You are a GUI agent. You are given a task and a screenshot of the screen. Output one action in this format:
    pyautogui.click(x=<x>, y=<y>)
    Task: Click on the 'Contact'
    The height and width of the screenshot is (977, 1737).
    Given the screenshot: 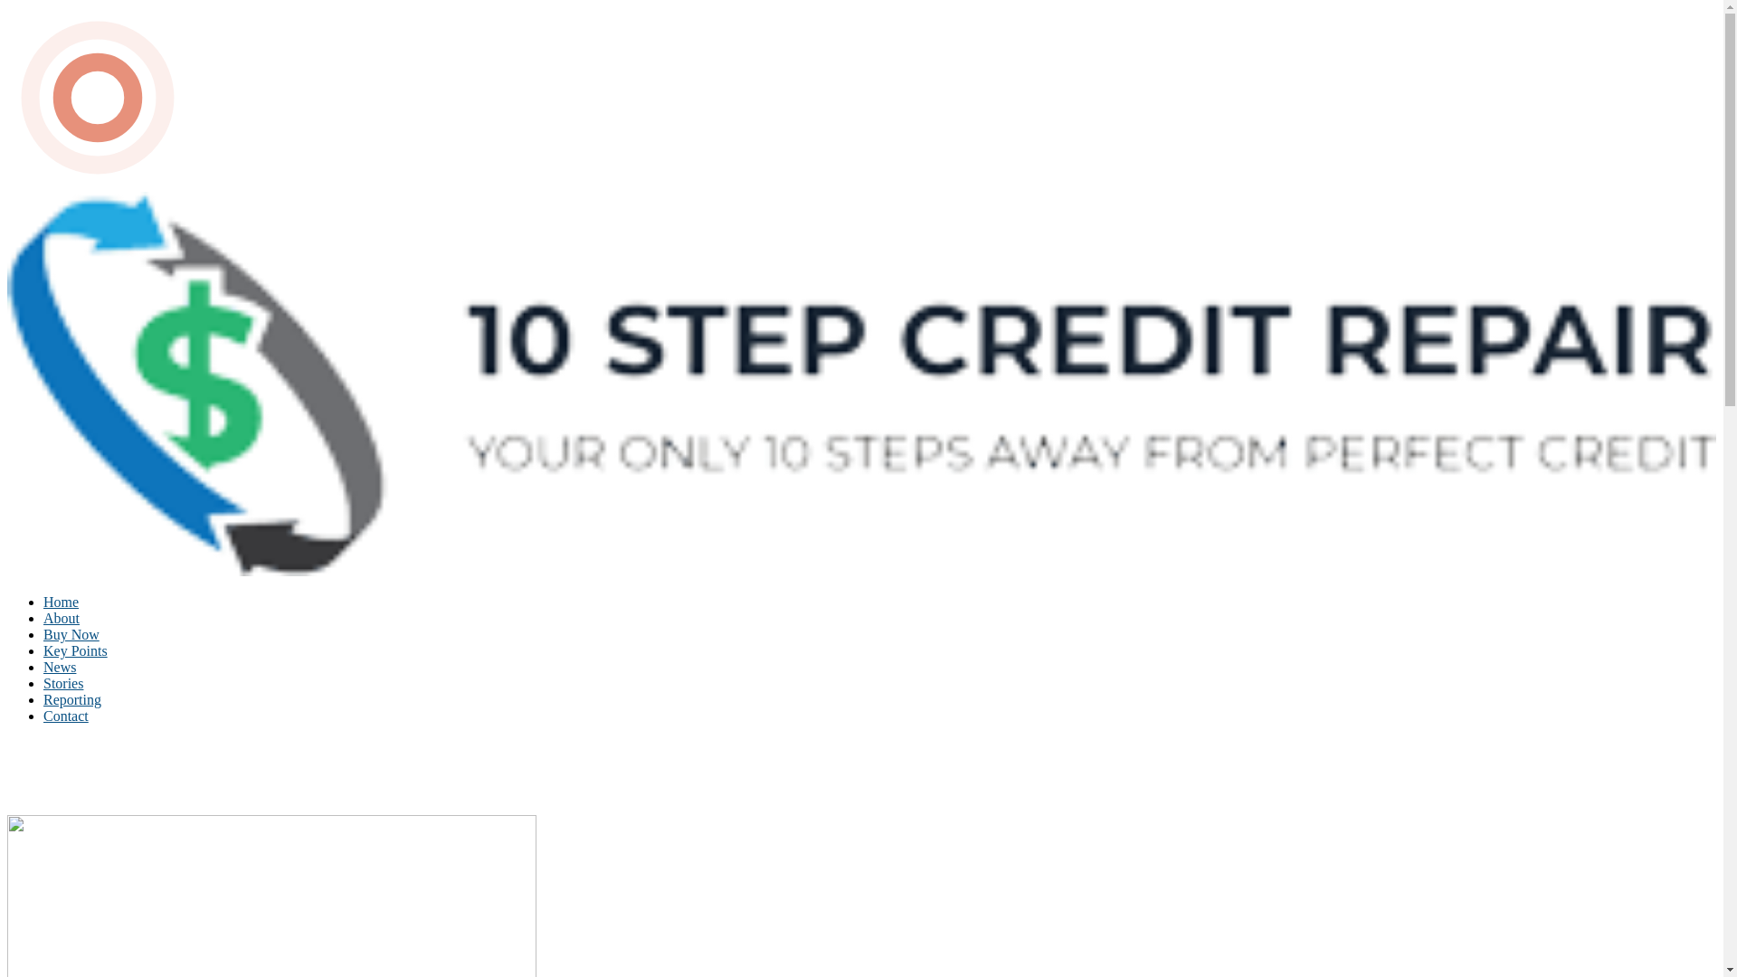 What is the action you would take?
    pyautogui.click(x=65, y=715)
    